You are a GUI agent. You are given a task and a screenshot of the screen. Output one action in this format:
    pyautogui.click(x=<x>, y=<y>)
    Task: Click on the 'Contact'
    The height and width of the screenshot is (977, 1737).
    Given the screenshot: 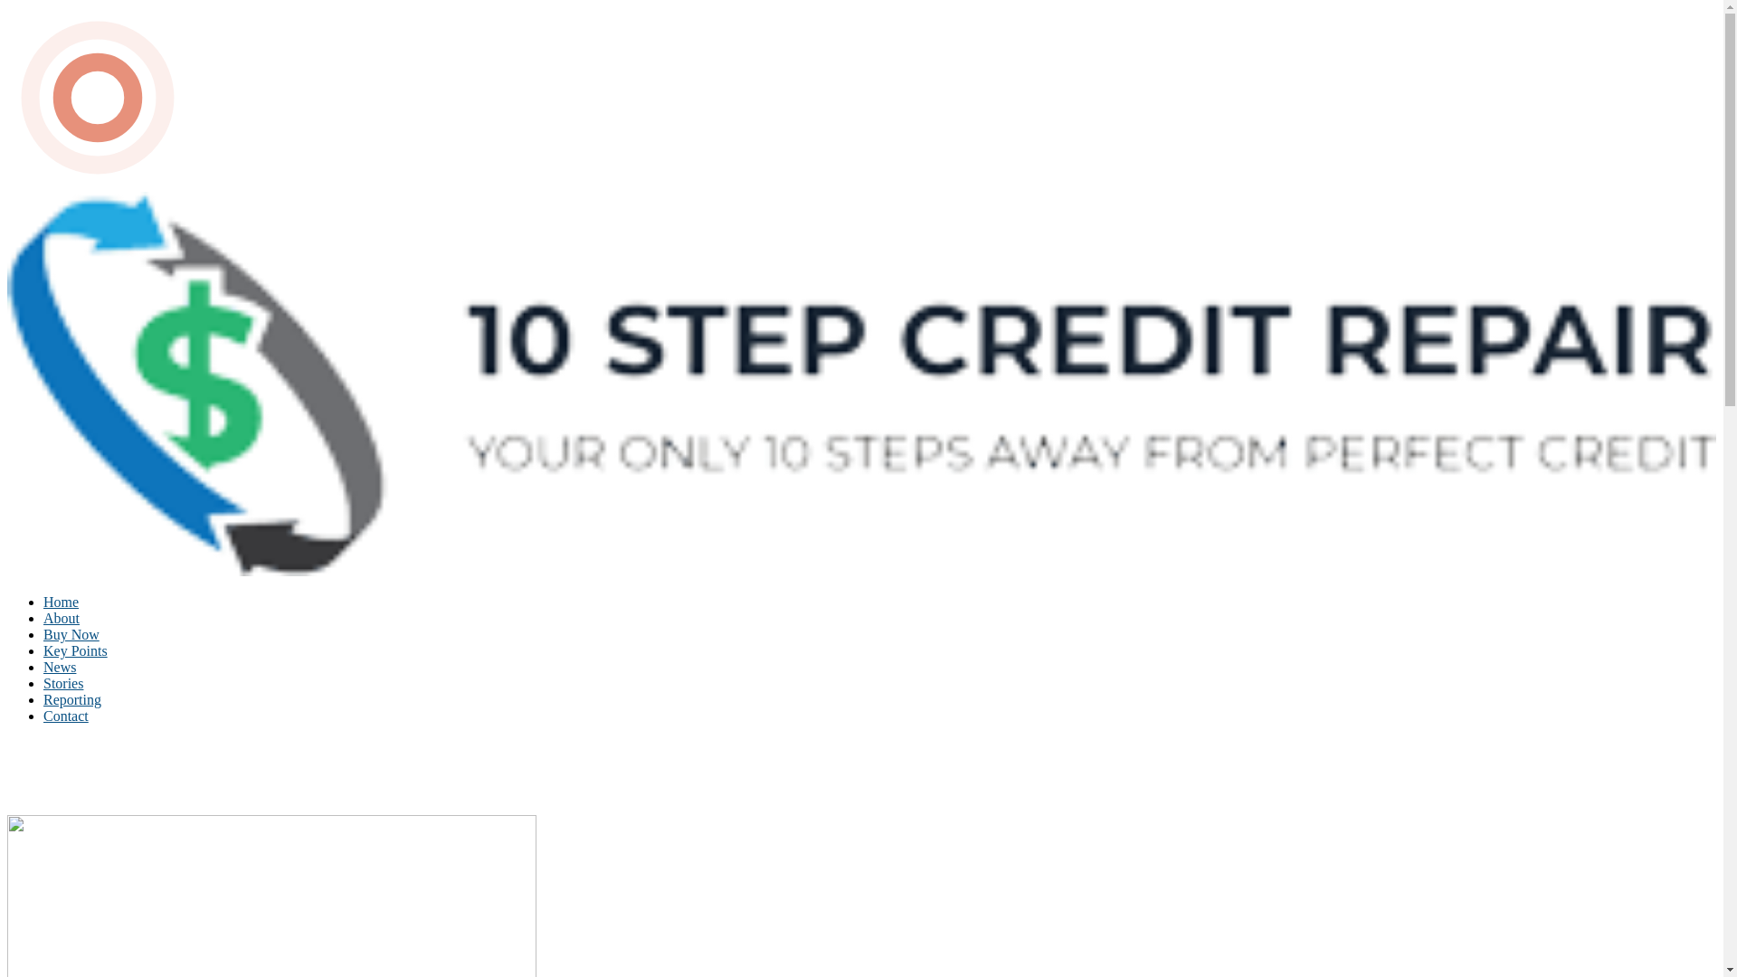 What is the action you would take?
    pyautogui.click(x=65, y=715)
    